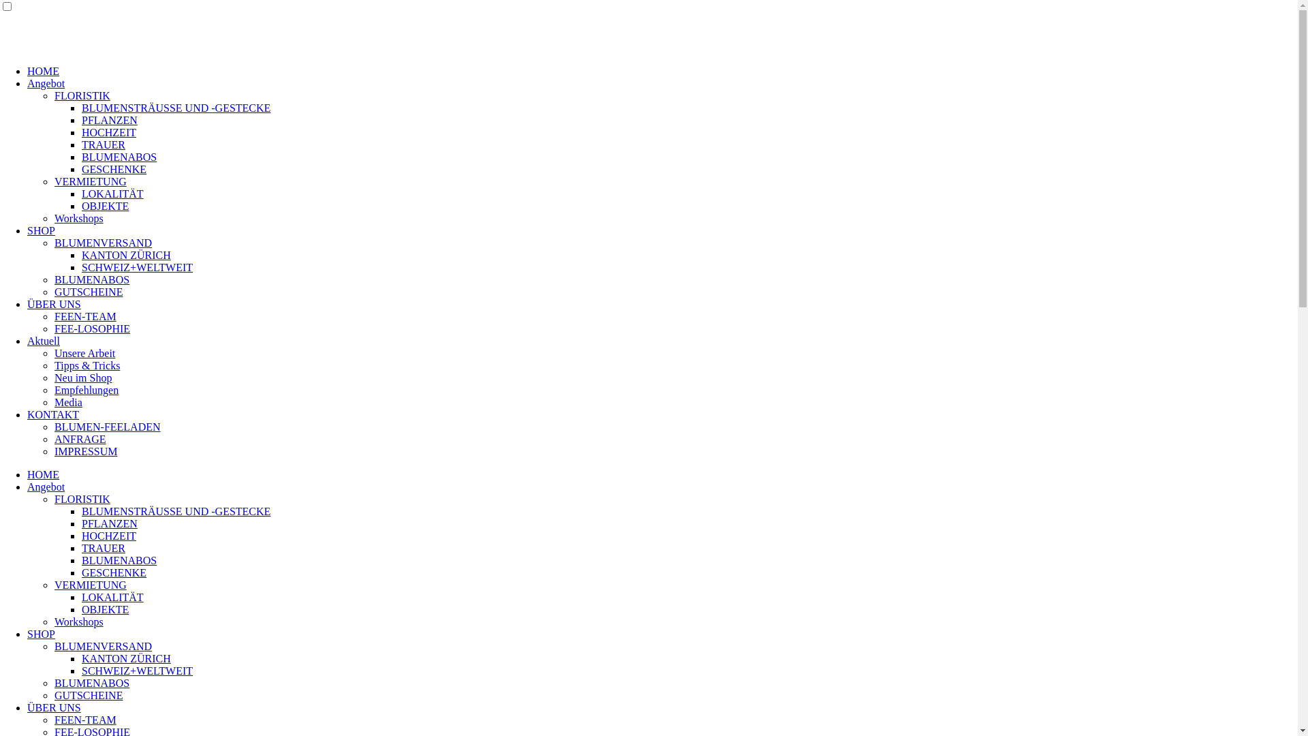  Describe the element at coordinates (54, 352) in the screenshot. I see `'Unsere Arbeit'` at that location.